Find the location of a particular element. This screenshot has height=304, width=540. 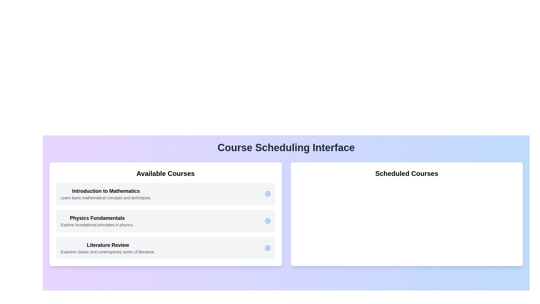

the Text block element displaying the title 'Introduction to Mathematics' and the subtitle 'Learn basic mathematical concepts and techniques.' is located at coordinates (106, 194).